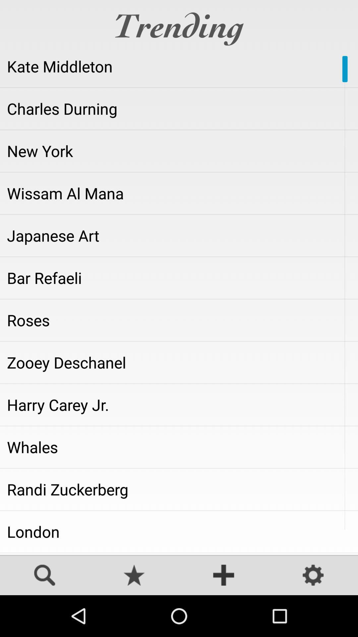  Describe the element at coordinates (179, 66) in the screenshot. I see `kate middleton icon` at that location.